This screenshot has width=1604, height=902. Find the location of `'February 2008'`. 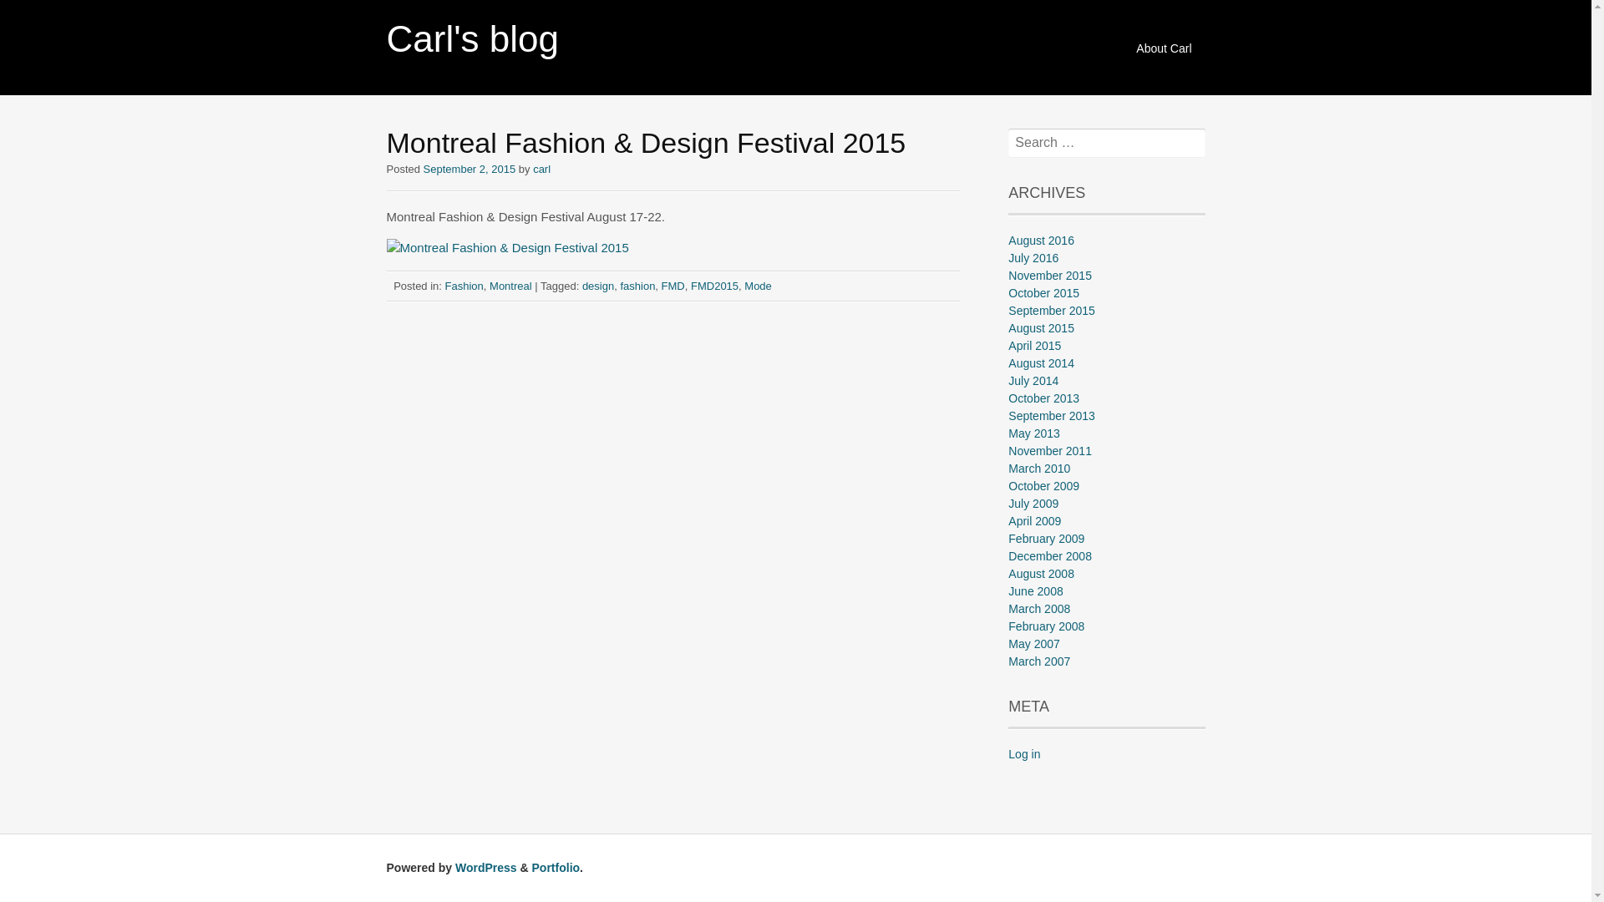

'February 2008' is located at coordinates (1045, 626).